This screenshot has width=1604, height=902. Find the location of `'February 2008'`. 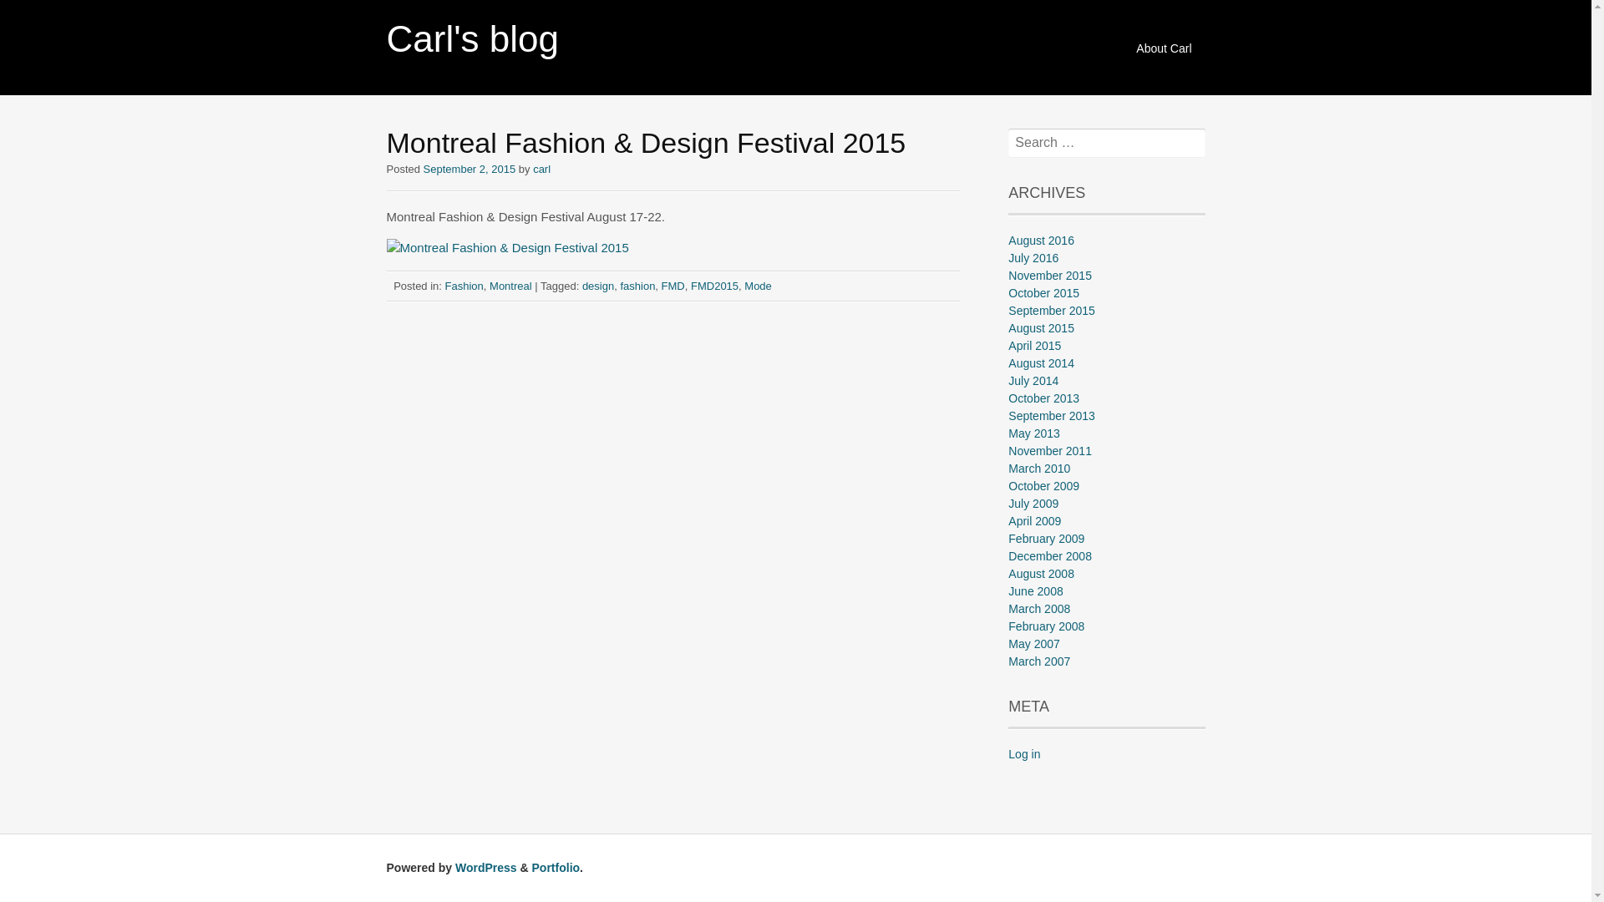

'February 2008' is located at coordinates (1045, 626).